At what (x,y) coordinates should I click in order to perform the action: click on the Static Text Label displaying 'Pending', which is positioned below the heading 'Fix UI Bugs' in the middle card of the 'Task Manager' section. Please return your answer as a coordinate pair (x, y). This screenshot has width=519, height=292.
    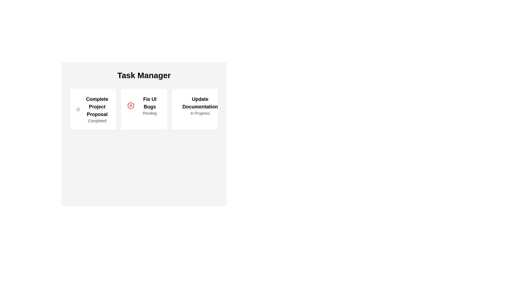
    Looking at the image, I should click on (150, 113).